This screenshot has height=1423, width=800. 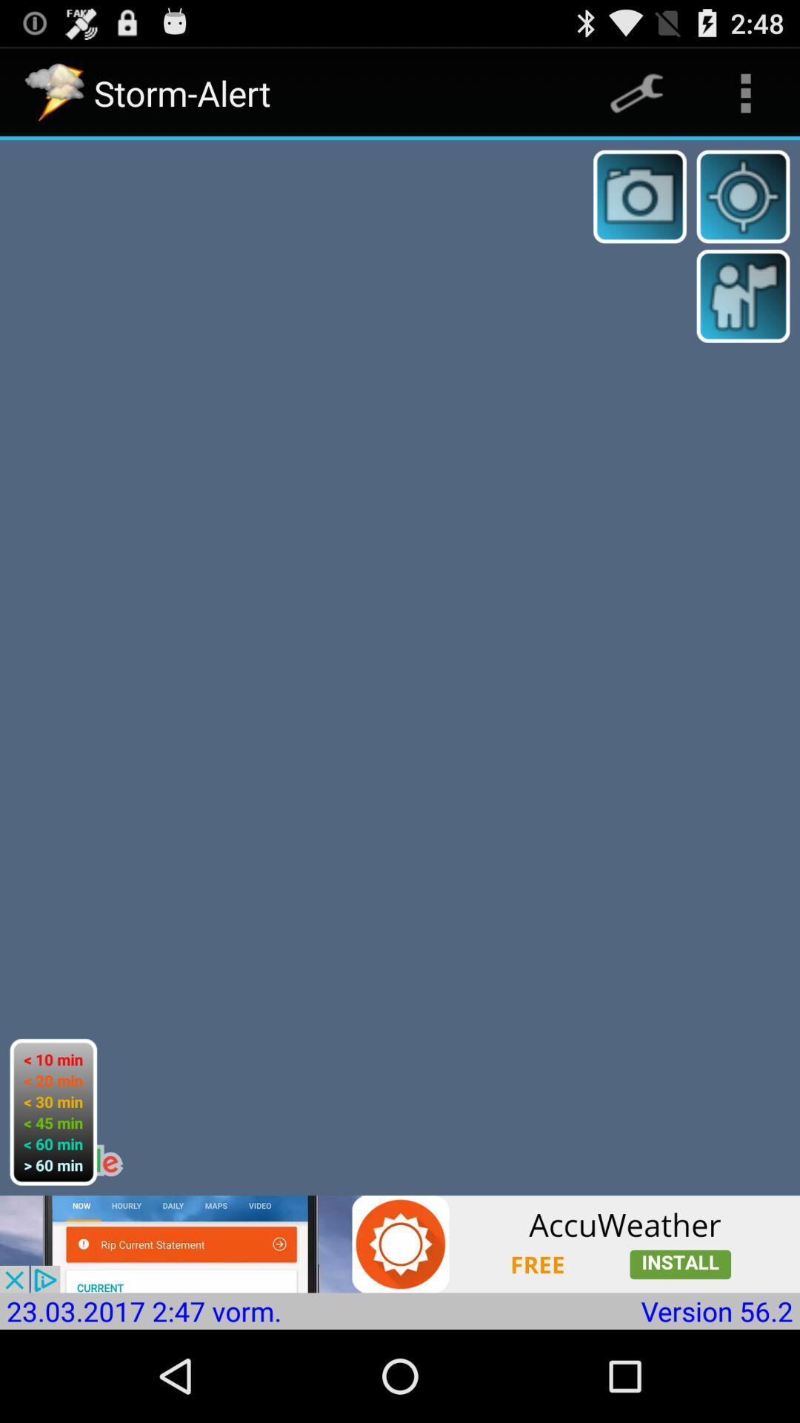 What do you see at coordinates (743, 196) in the screenshot?
I see `set to current location` at bounding box center [743, 196].